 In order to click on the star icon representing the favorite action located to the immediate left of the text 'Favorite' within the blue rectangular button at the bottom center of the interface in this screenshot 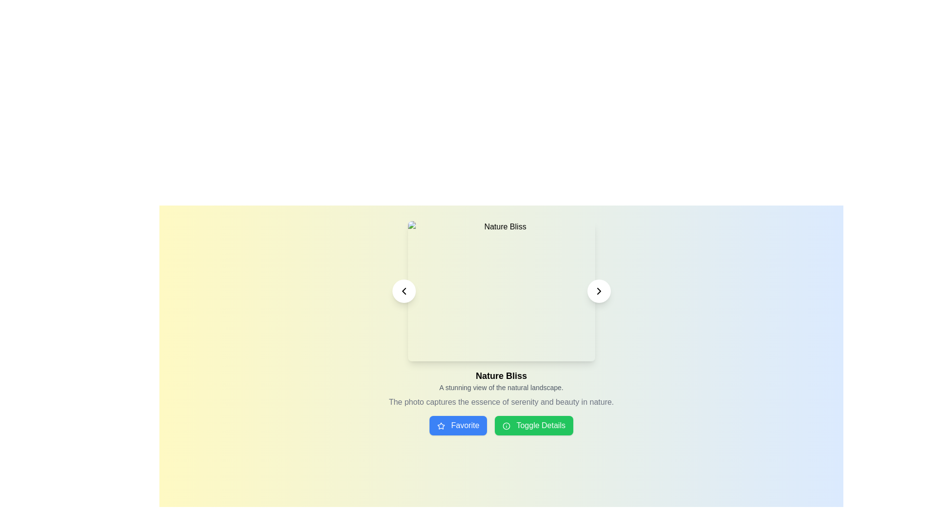, I will do `click(441, 425)`.